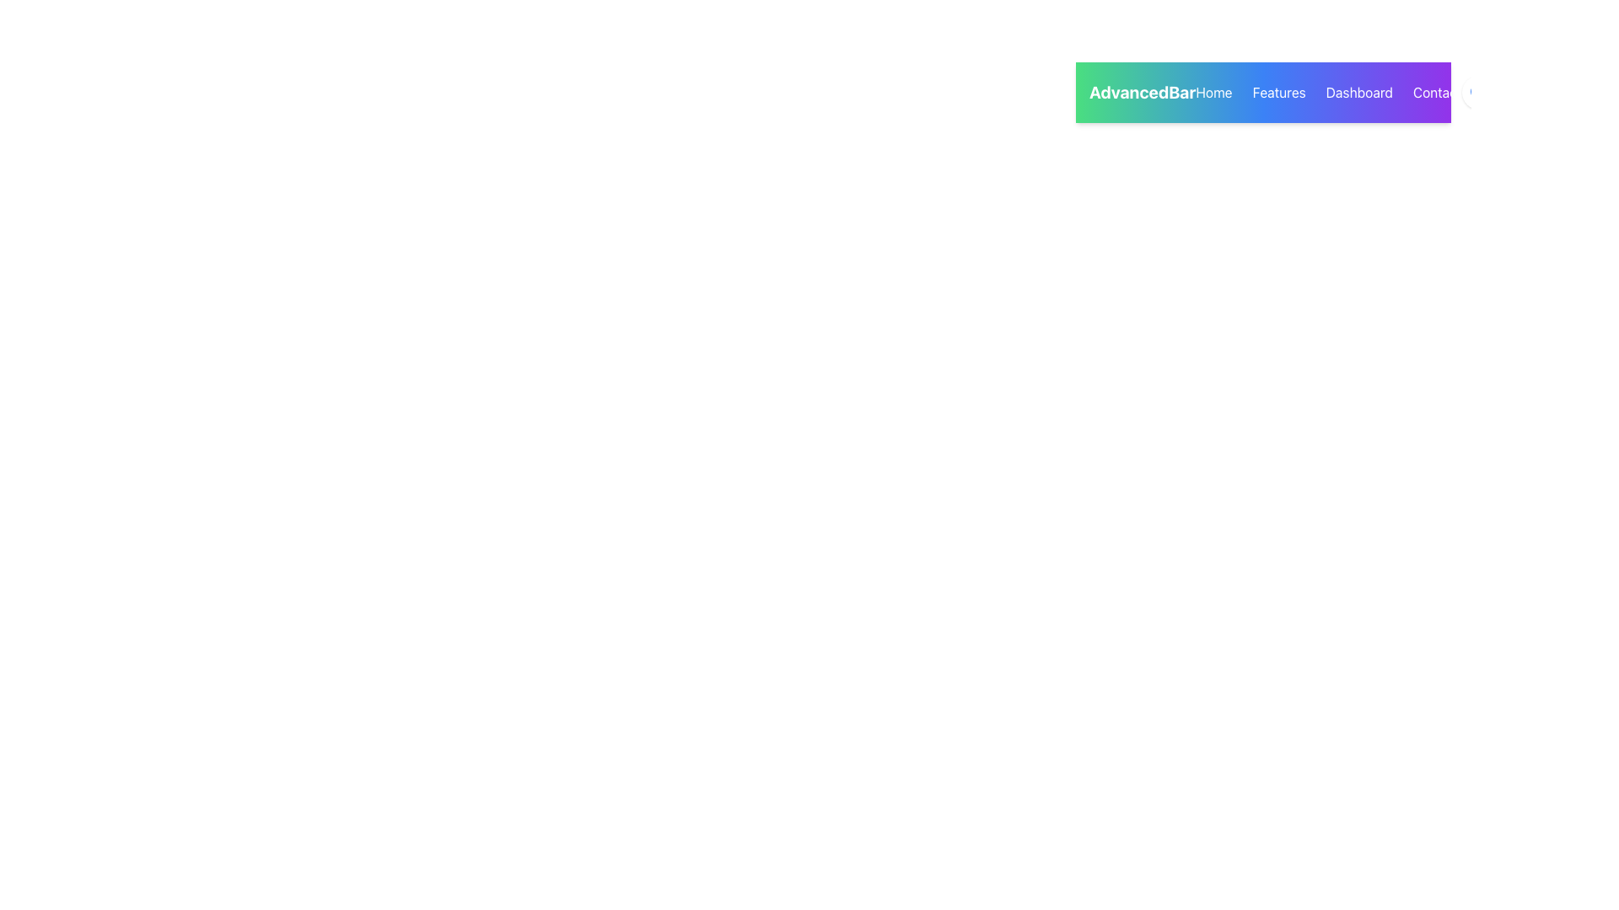  I want to click on the rightmost circular button in the group of blue buttons located at the far right of the top navigation bar, adjacent to the 'Contact' menu item, so click(1525, 93).